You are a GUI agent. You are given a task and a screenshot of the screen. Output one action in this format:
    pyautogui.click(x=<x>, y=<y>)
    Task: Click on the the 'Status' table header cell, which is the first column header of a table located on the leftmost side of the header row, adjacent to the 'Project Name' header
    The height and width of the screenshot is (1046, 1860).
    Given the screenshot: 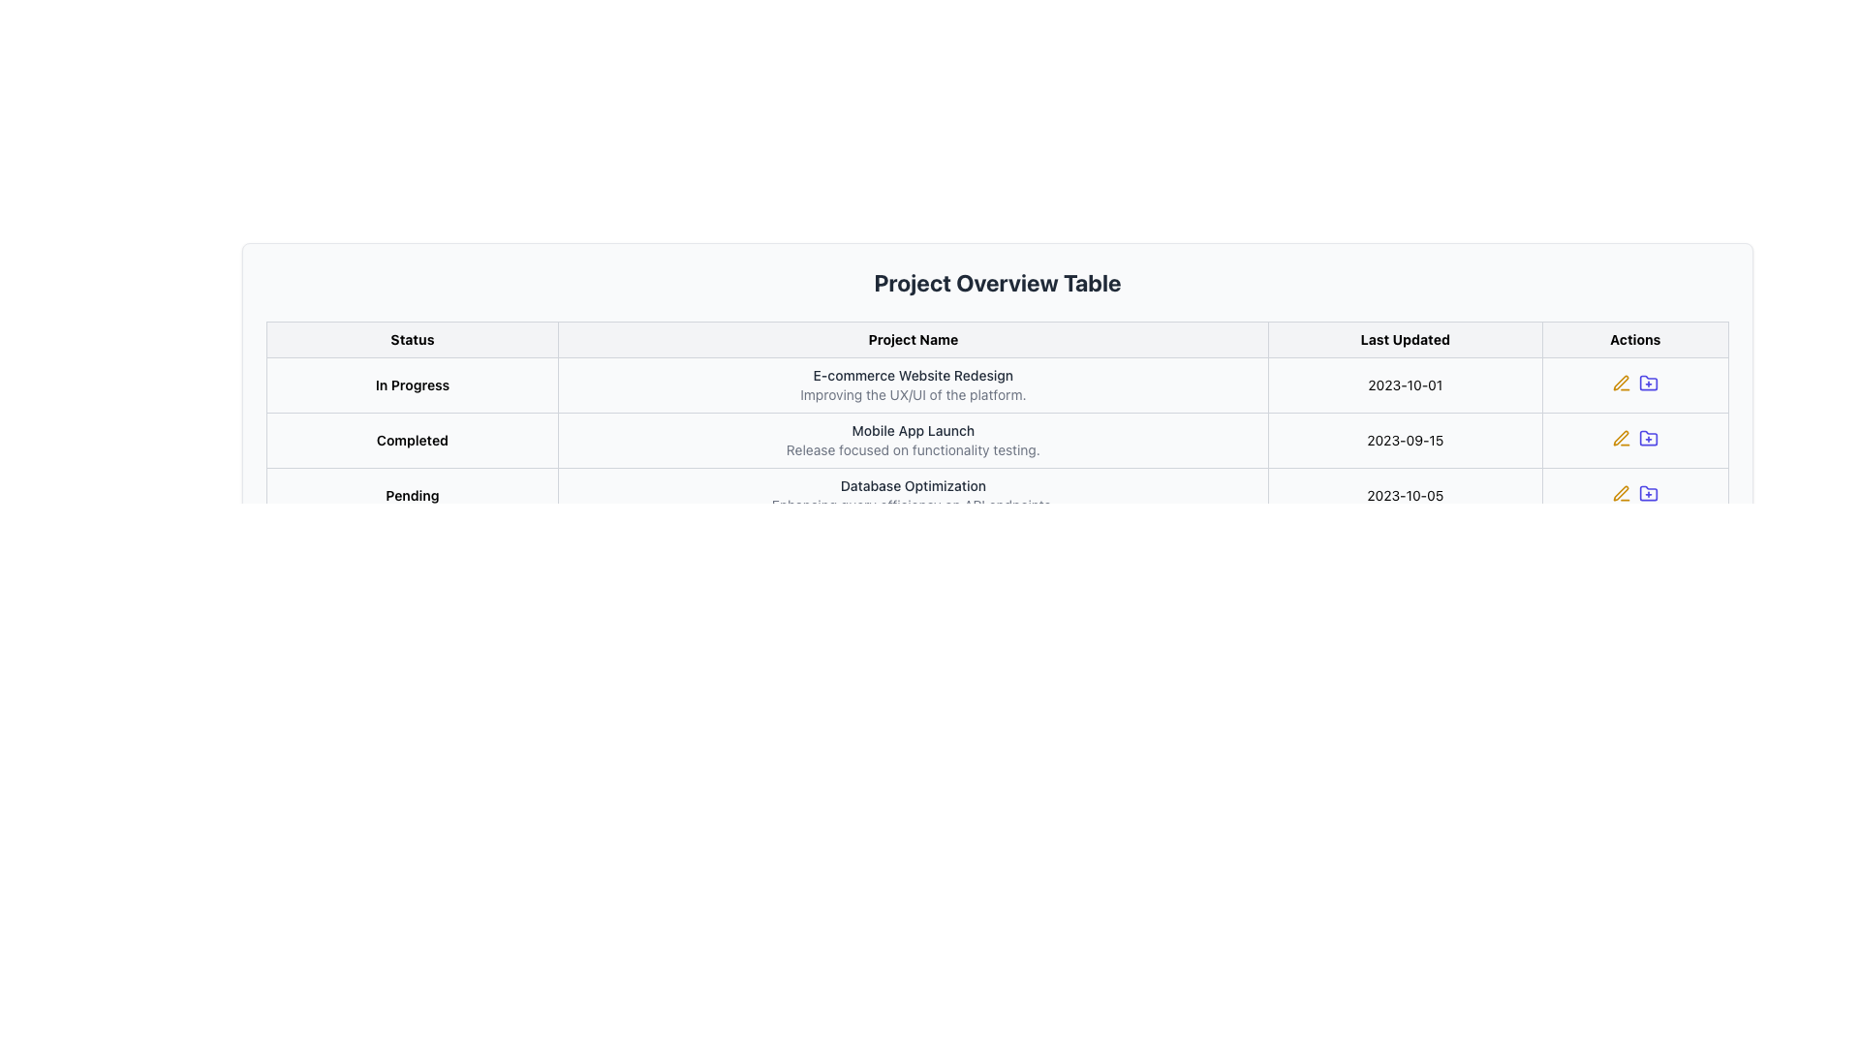 What is the action you would take?
    pyautogui.click(x=411, y=339)
    